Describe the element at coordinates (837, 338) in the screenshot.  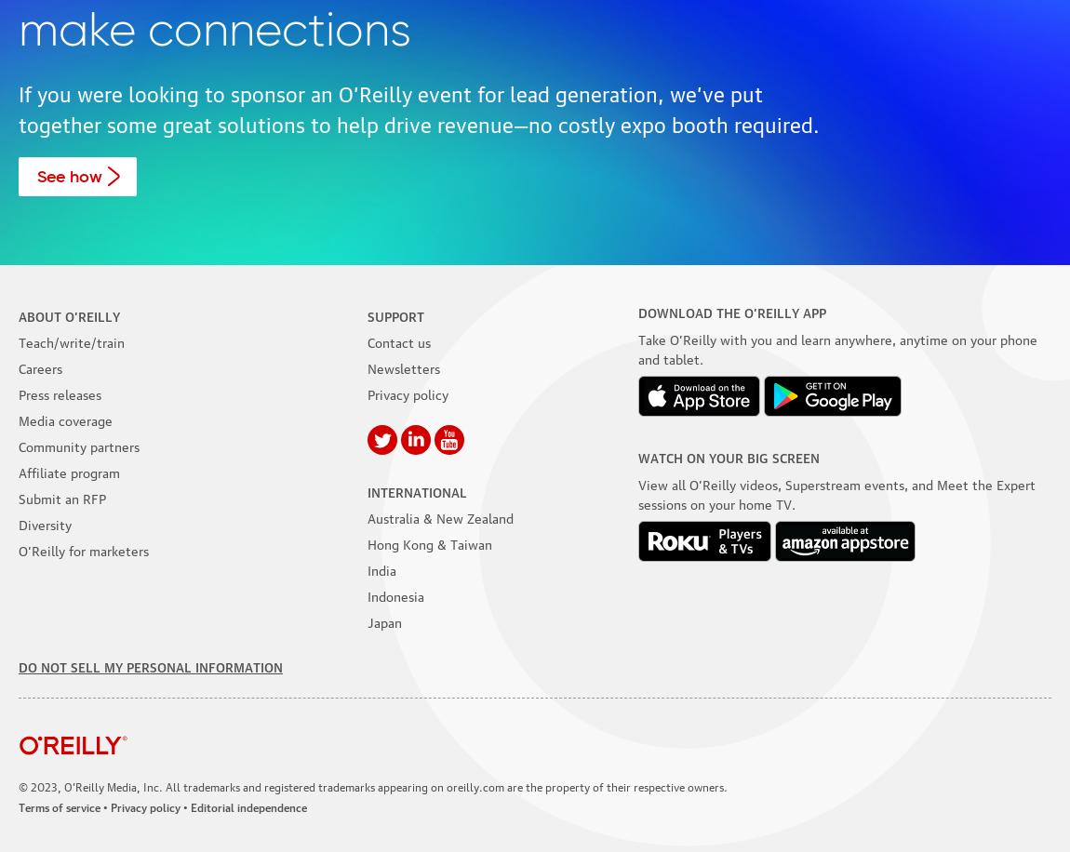
I see `'Take O’Reilly with you and learn anywhere, anytime on your phone'` at that location.